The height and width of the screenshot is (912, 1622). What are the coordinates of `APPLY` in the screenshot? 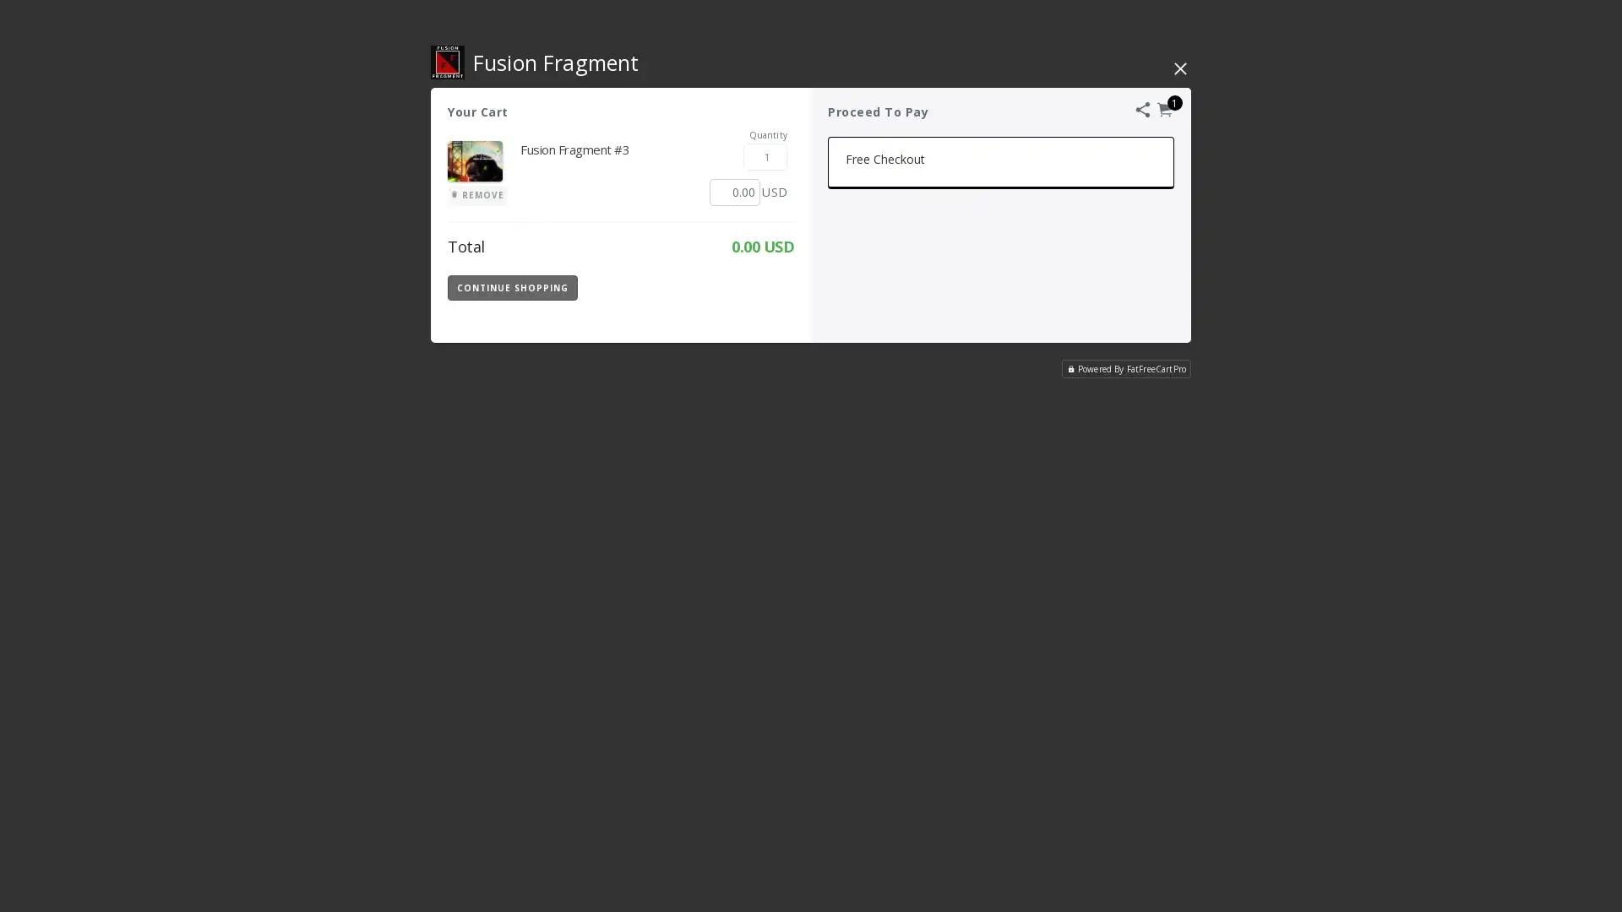 It's located at (750, 285).